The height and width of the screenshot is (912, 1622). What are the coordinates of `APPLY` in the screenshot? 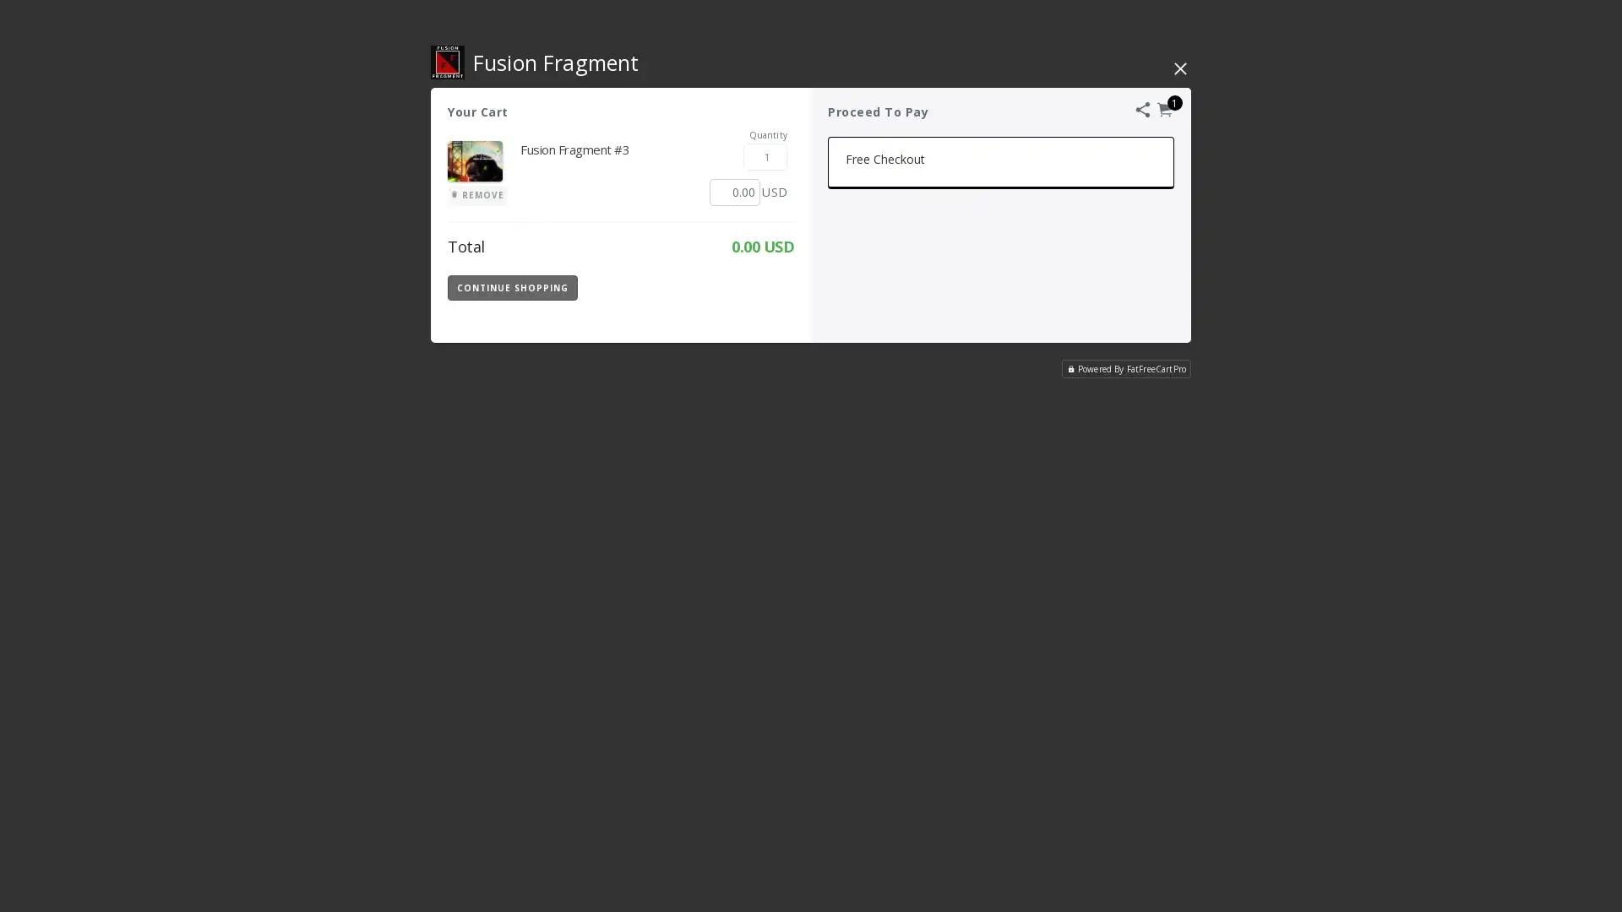 It's located at (750, 285).